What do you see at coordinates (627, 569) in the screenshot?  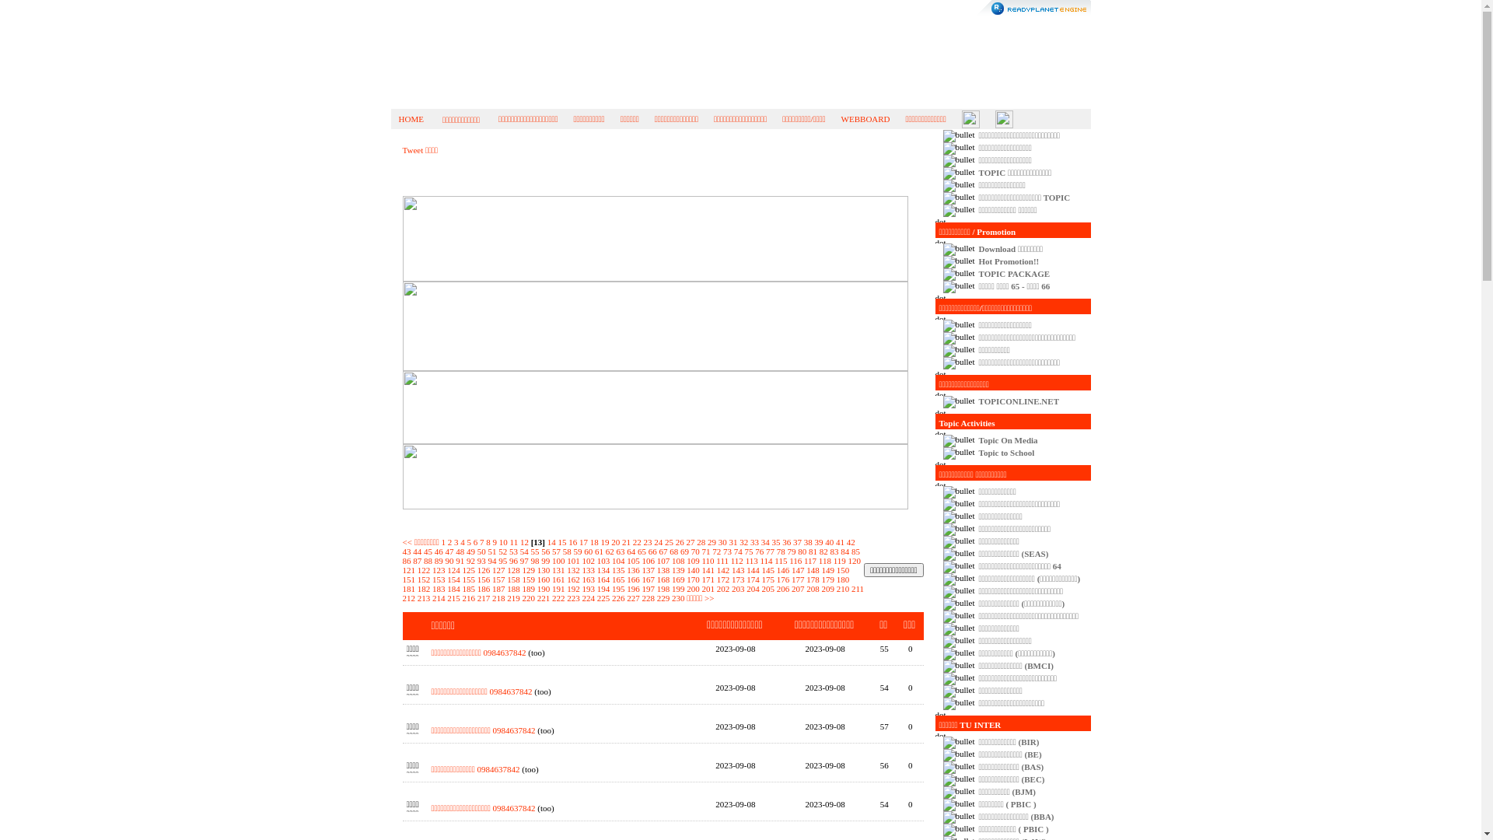 I see `'136'` at bounding box center [627, 569].